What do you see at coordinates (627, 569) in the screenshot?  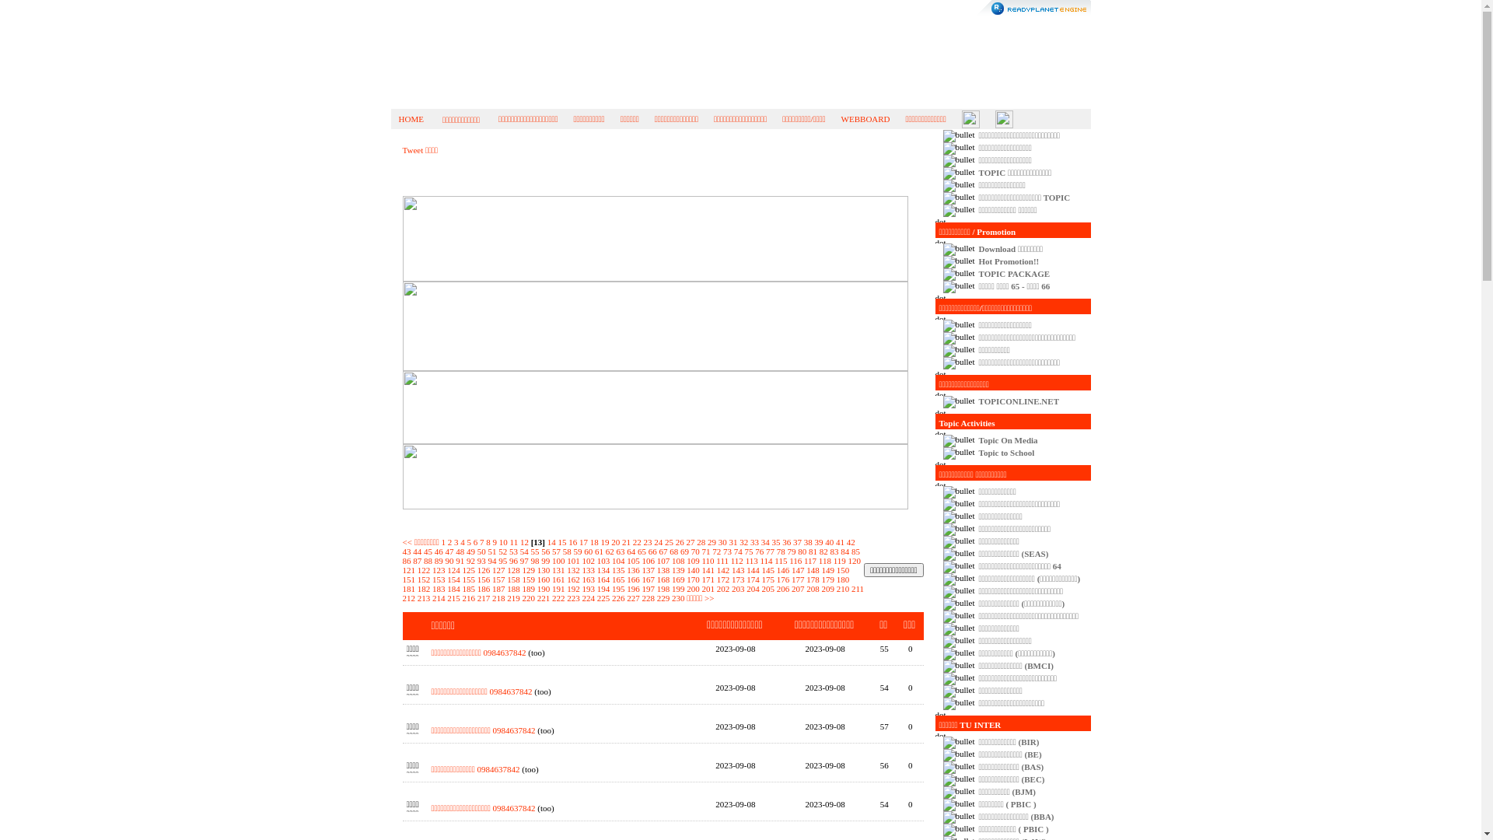 I see `'136'` at bounding box center [627, 569].